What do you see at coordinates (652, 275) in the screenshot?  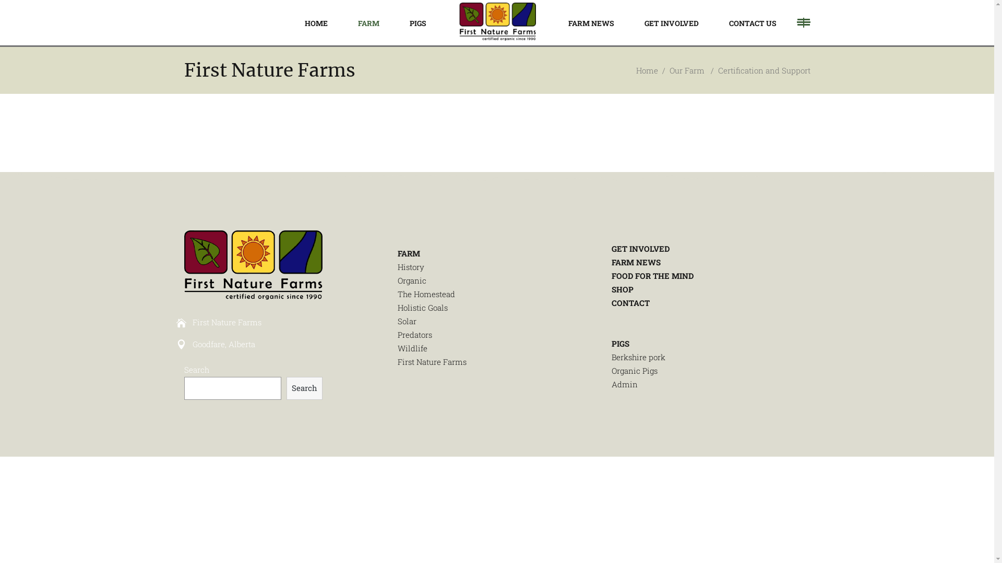 I see `'FOOD FOR THE MIND'` at bounding box center [652, 275].